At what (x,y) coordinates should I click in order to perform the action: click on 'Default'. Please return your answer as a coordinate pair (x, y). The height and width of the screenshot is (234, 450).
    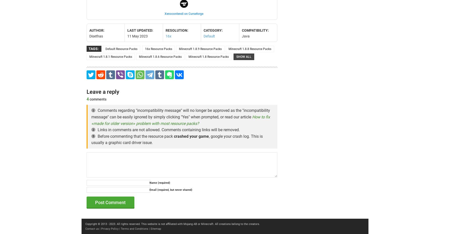
    Looking at the image, I should click on (209, 36).